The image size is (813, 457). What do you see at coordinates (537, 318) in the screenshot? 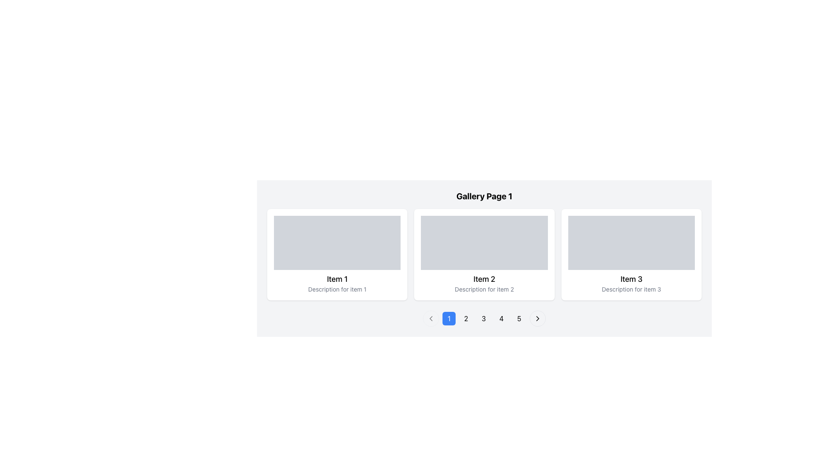
I see `the pagination next page icon located at the bottom-right of the pagination control area for keyboard navigation` at bounding box center [537, 318].